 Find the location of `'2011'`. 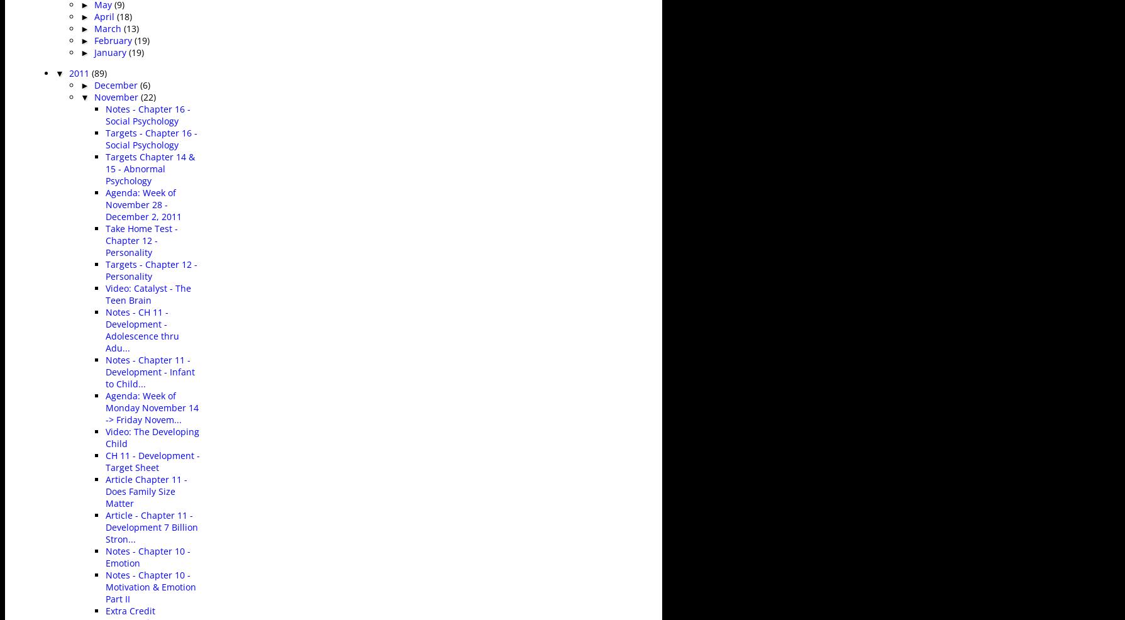

'2011' is located at coordinates (80, 72).